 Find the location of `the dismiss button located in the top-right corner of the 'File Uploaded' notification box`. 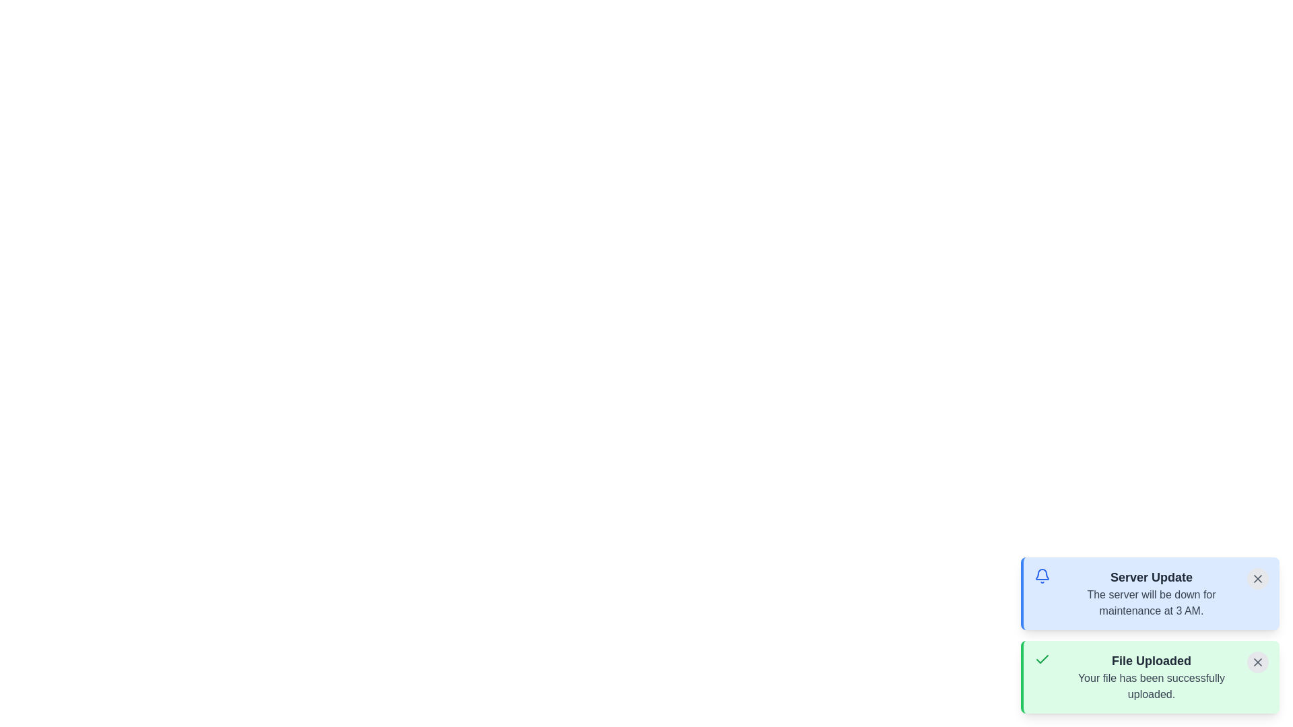

the dismiss button located in the top-right corner of the 'File Uploaded' notification box is located at coordinates (1257, 661).